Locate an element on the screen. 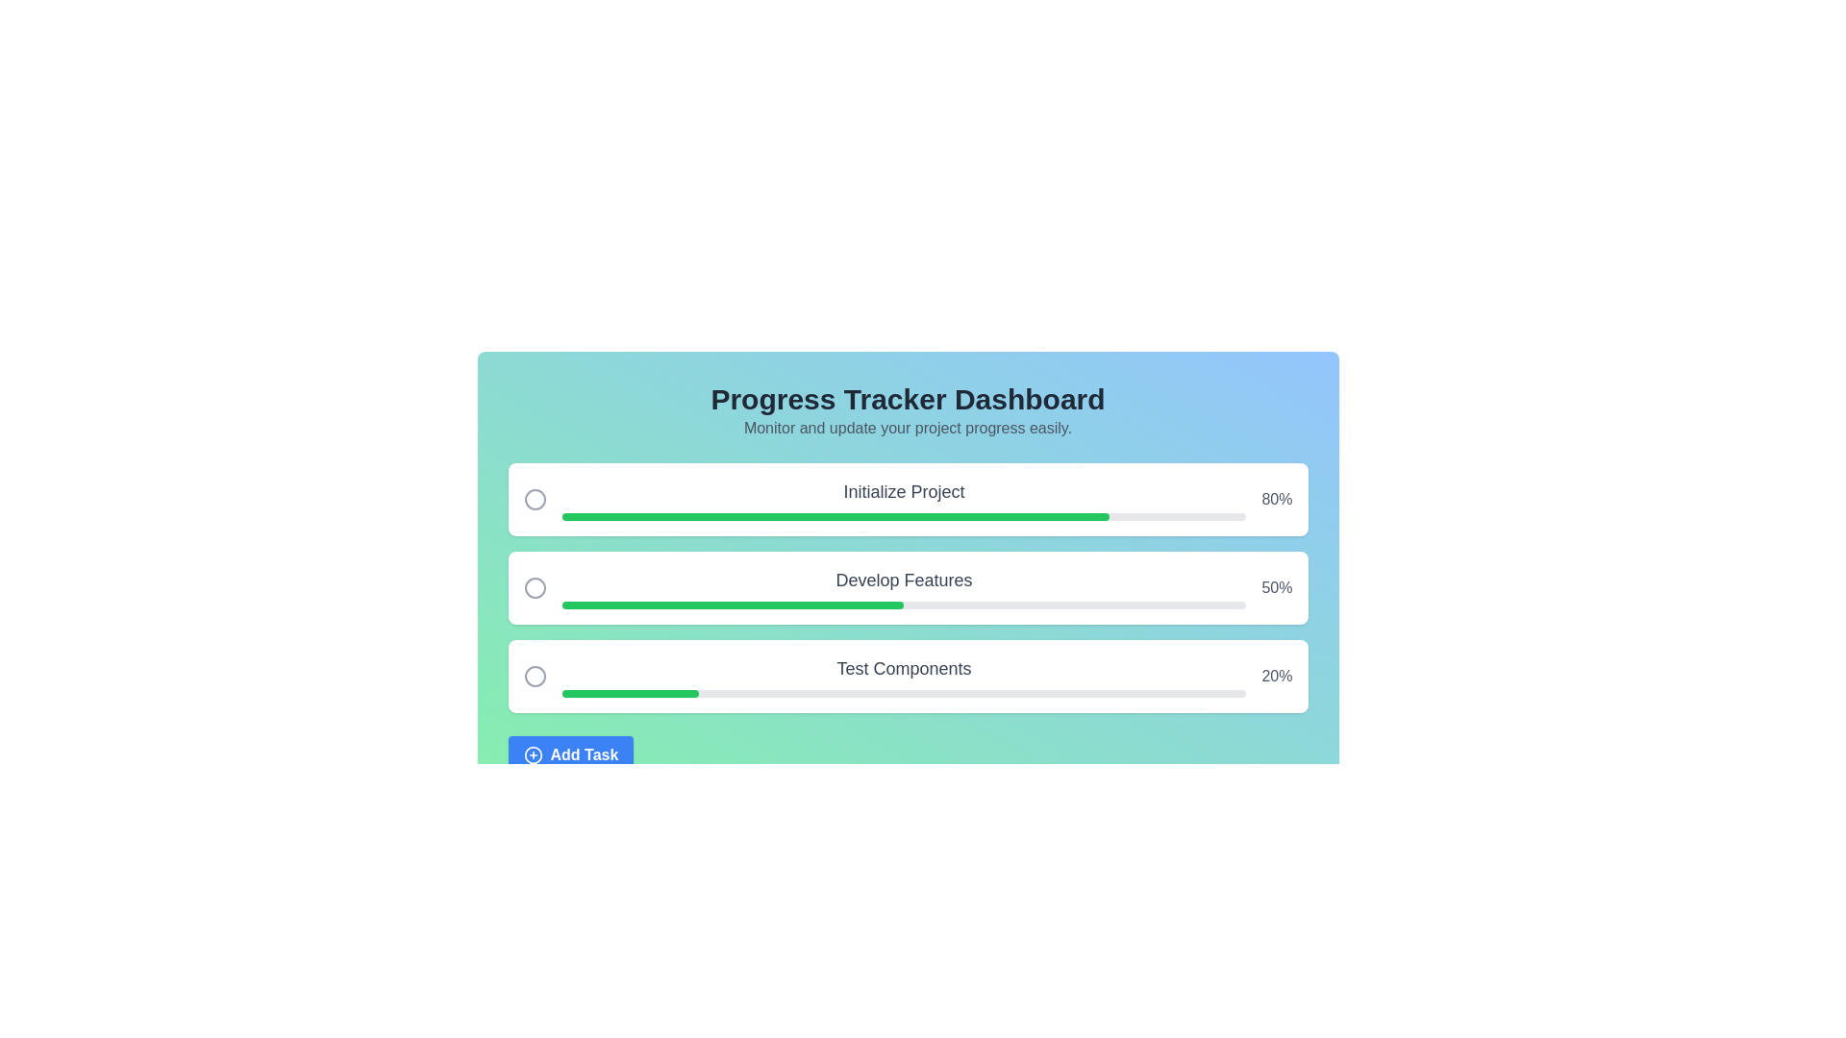  the green progress bar that is 80% filled, located in the 'Initialize Project' section above 'Develop Features' and 'Test Components' is located at coordinates (836, 515).